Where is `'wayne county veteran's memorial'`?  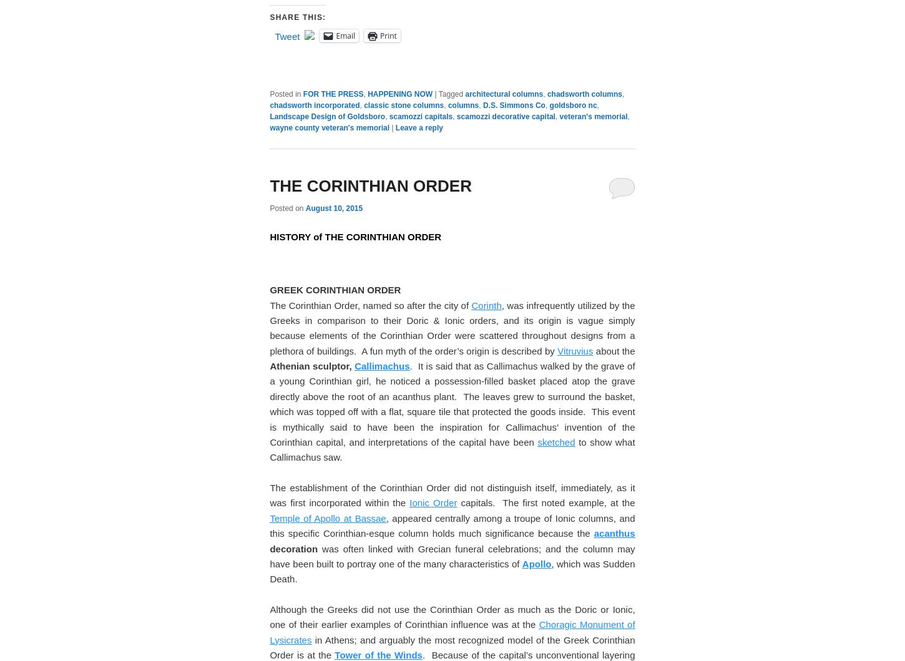
'wayne county veteran's memorial' is located at coordinates (329, 515).